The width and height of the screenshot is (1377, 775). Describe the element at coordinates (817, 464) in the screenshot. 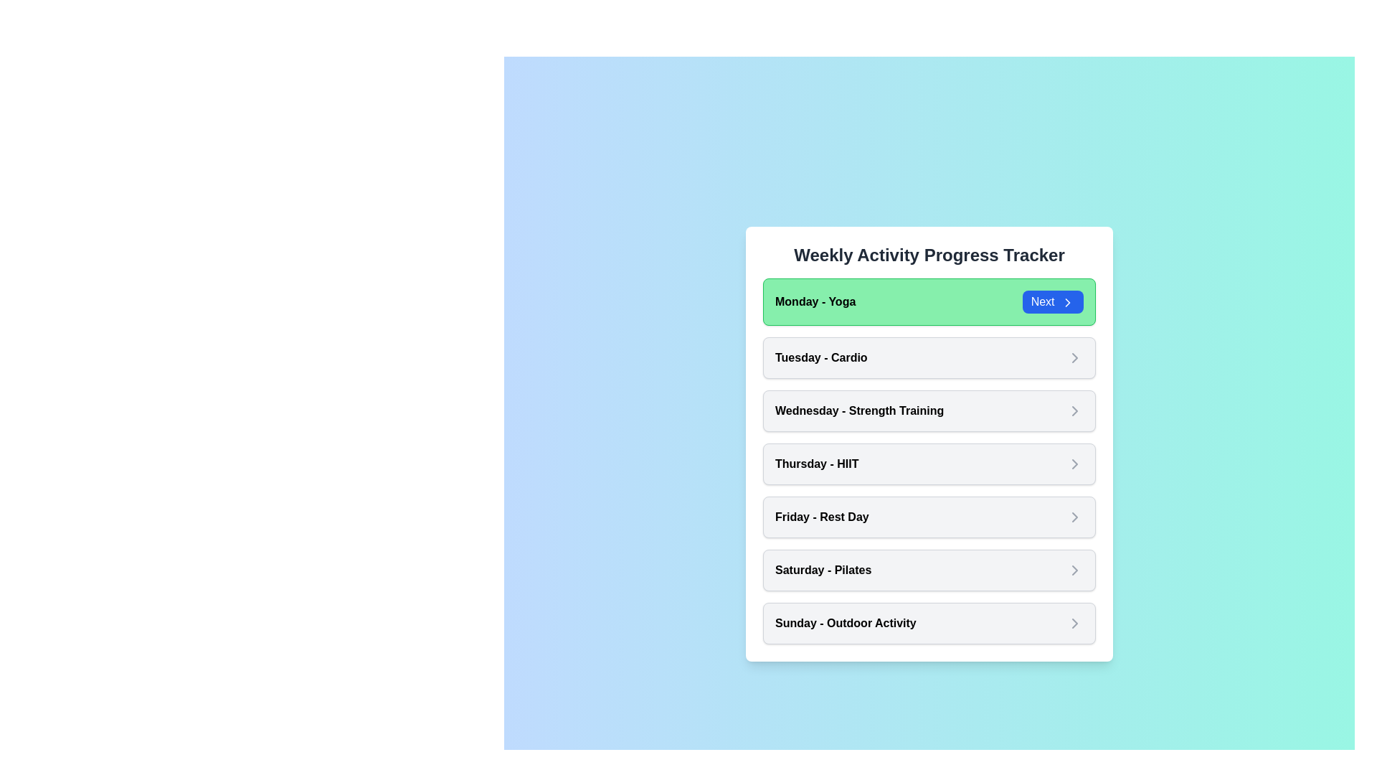

I see `the text label that indicates the scheduled activity for Thursday, which is 'HIIT', located in the fourth item of the vertically-stacked list of activities` at that location.